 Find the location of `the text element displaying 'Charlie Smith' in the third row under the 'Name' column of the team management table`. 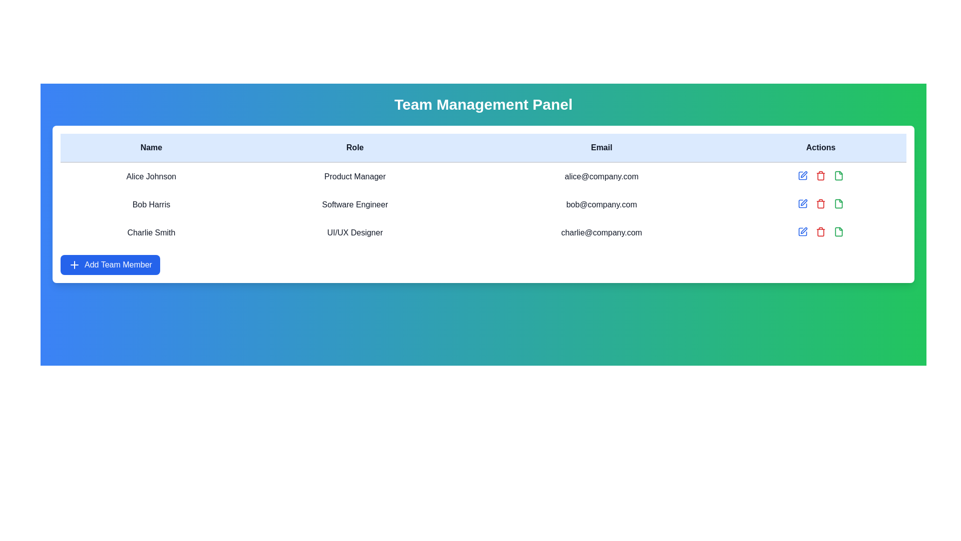

the text element displaying 'Charlie Smith' in the third row under the 'Name' column of the team management table is located at coordinates (151, 233).